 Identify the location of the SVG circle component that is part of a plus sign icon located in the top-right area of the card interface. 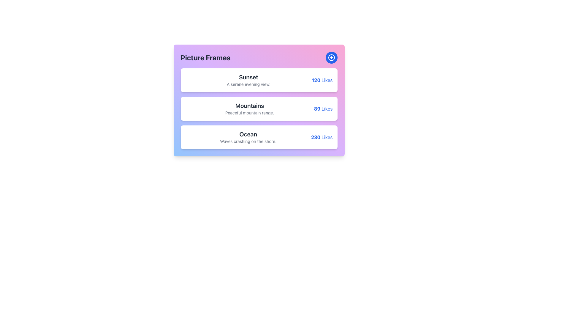
(331, 57).